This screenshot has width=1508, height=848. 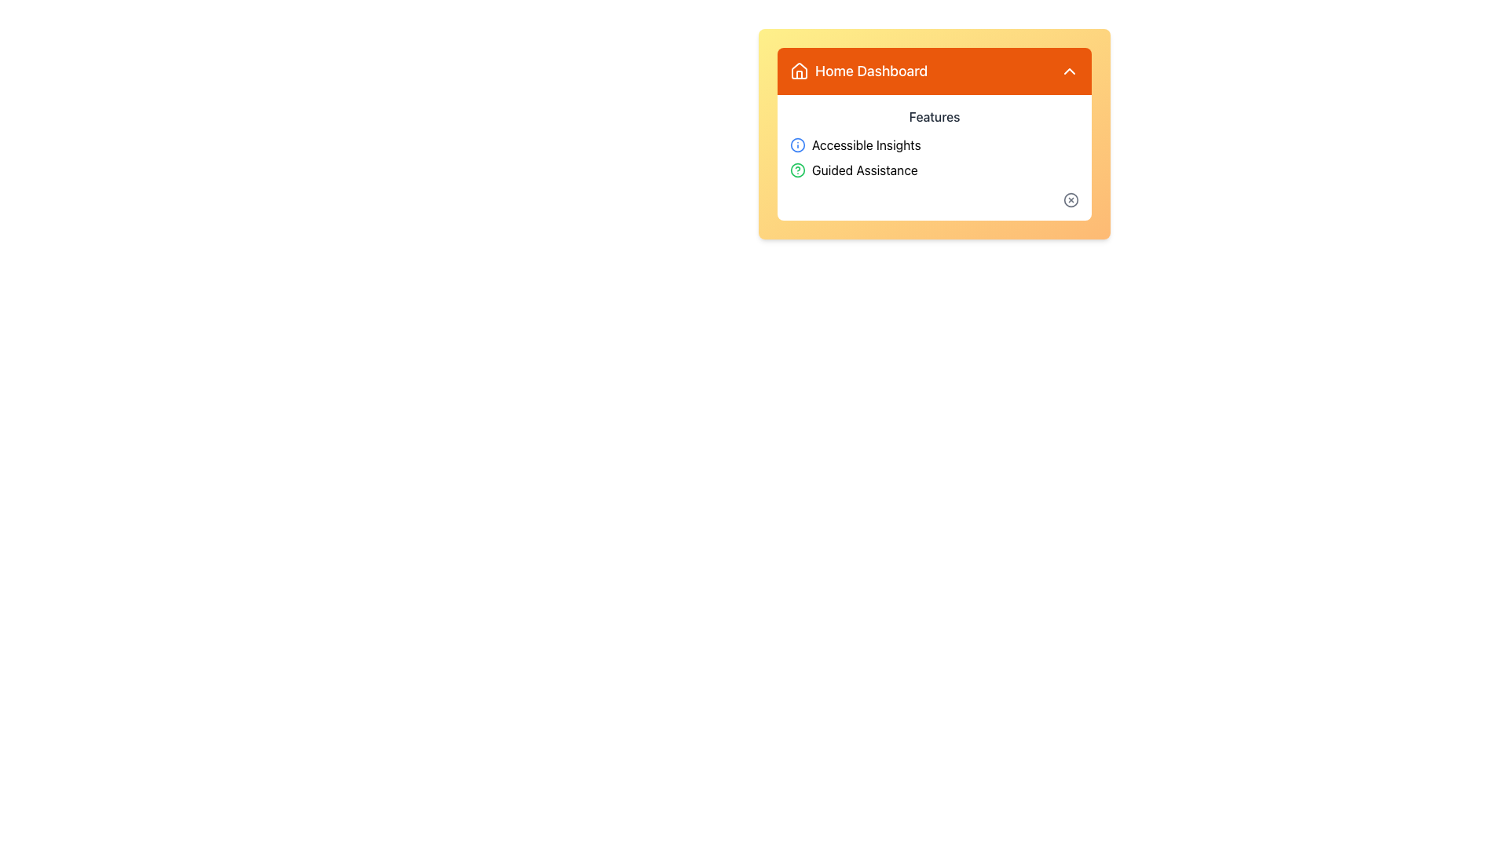 I want to click on the informational cue icon related to 'Accessible Insights' located to the left of the text in the 'Features' section of the card interface, so click(x=798, y=145).